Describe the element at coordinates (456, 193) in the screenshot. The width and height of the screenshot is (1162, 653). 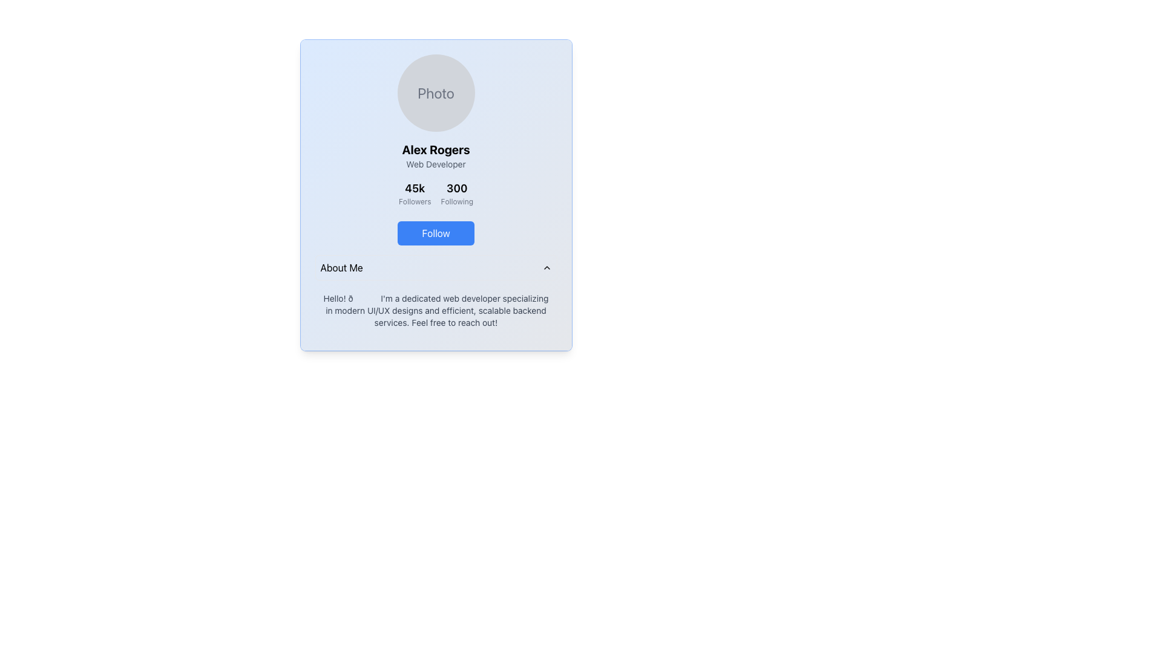
I see `the 'Following' text display element that shows '300', located to the right of the '45k Followers' element` at that location.